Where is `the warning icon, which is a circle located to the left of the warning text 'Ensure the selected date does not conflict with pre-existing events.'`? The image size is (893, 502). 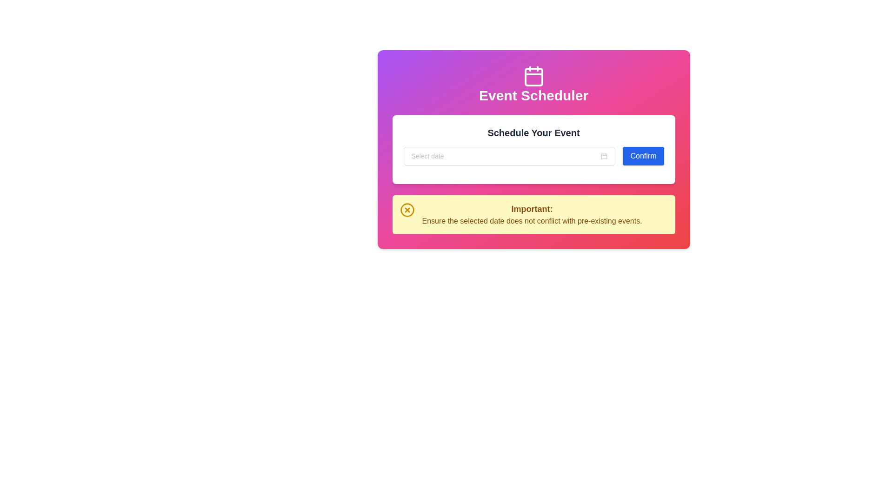
the warning icon, which is a circle located to the left of the warning text 'Ensure the selected date does not conflict with pre-existing events.' is located at coordinates (407, 210).